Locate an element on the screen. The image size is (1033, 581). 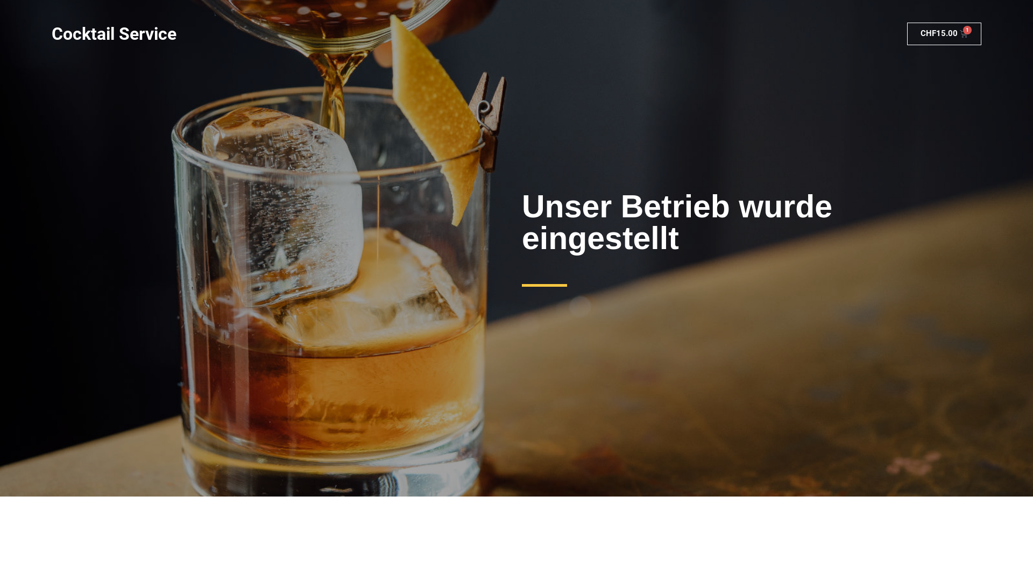
'Cocktail Service' is located at coordinates (114, 33).